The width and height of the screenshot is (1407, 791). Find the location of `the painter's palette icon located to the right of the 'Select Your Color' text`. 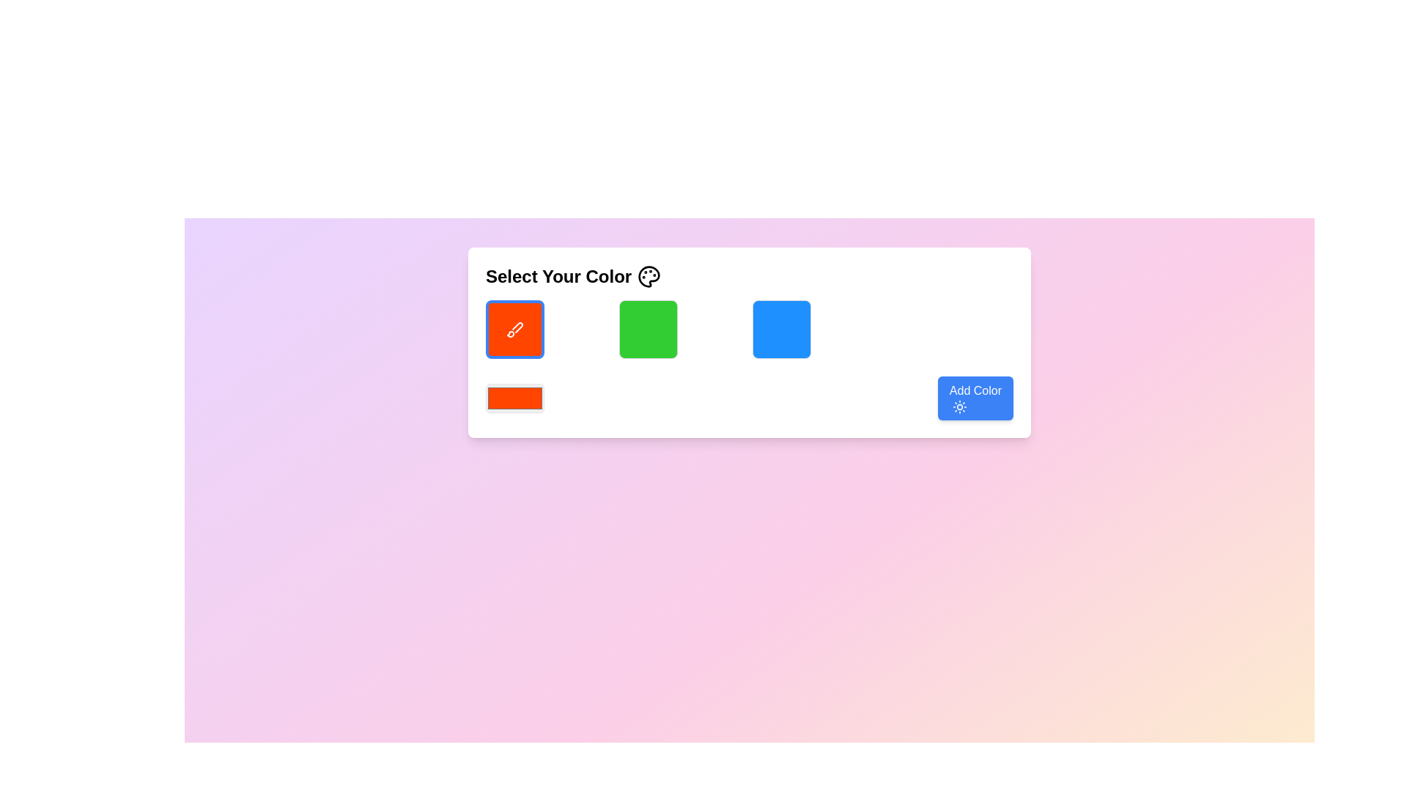

the painter's palette icon located to the right of the 'Select Your Color' text is located at coordinates (649, 277).